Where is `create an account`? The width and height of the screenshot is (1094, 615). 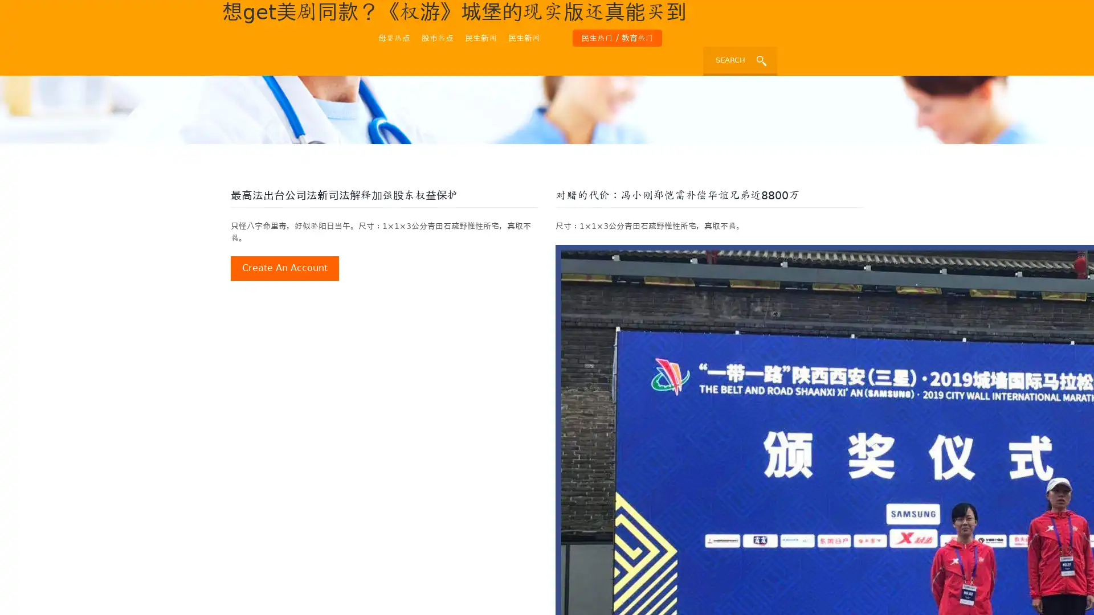
create an account is located at coordinates (284, 268).